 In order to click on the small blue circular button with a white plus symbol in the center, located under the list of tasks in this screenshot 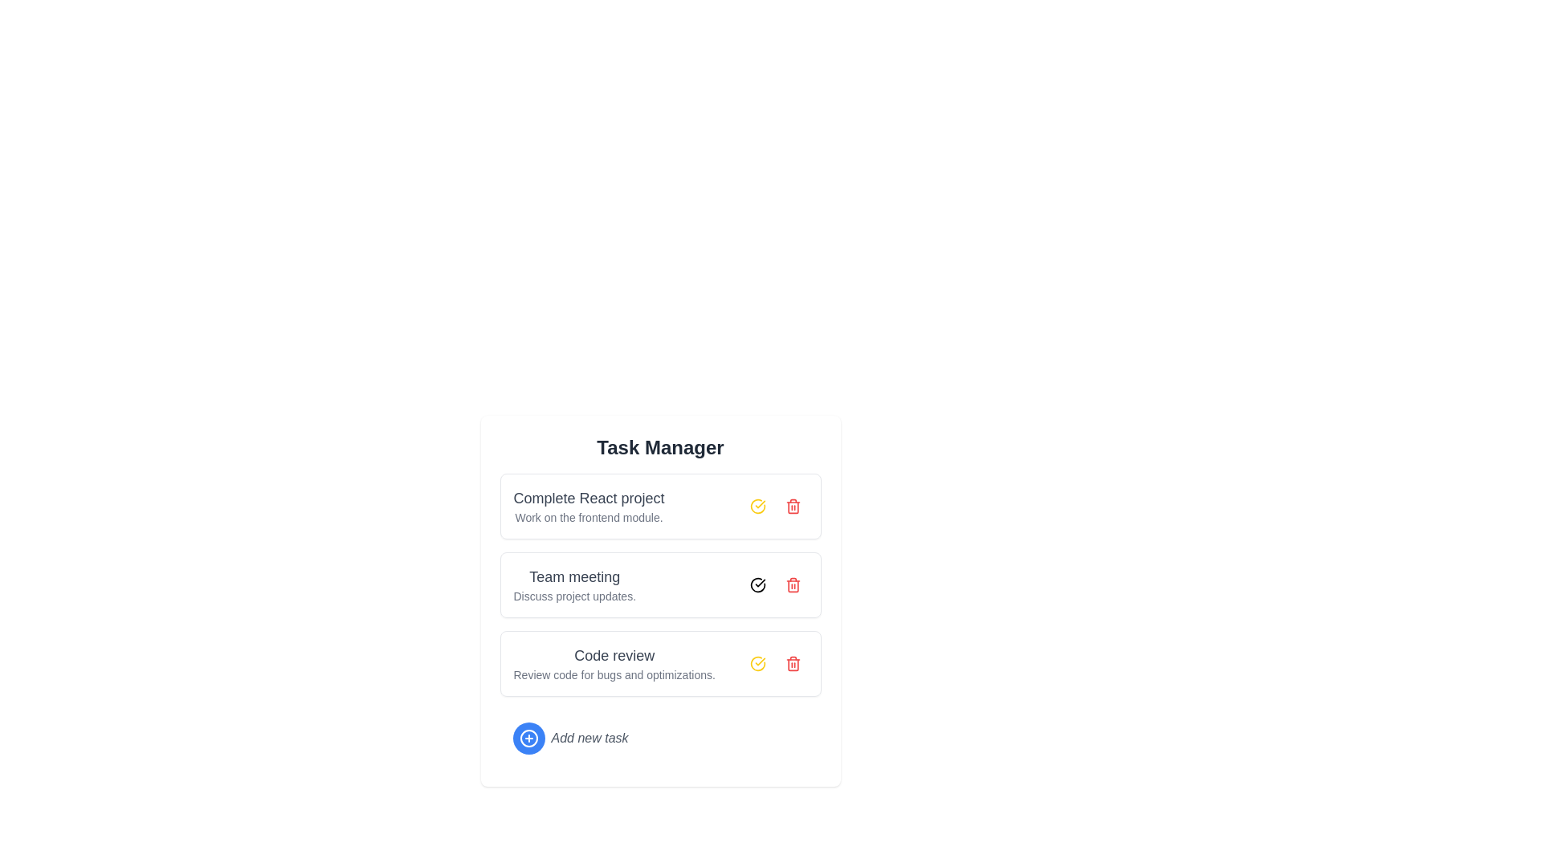, I will do `click(528, 739)`.